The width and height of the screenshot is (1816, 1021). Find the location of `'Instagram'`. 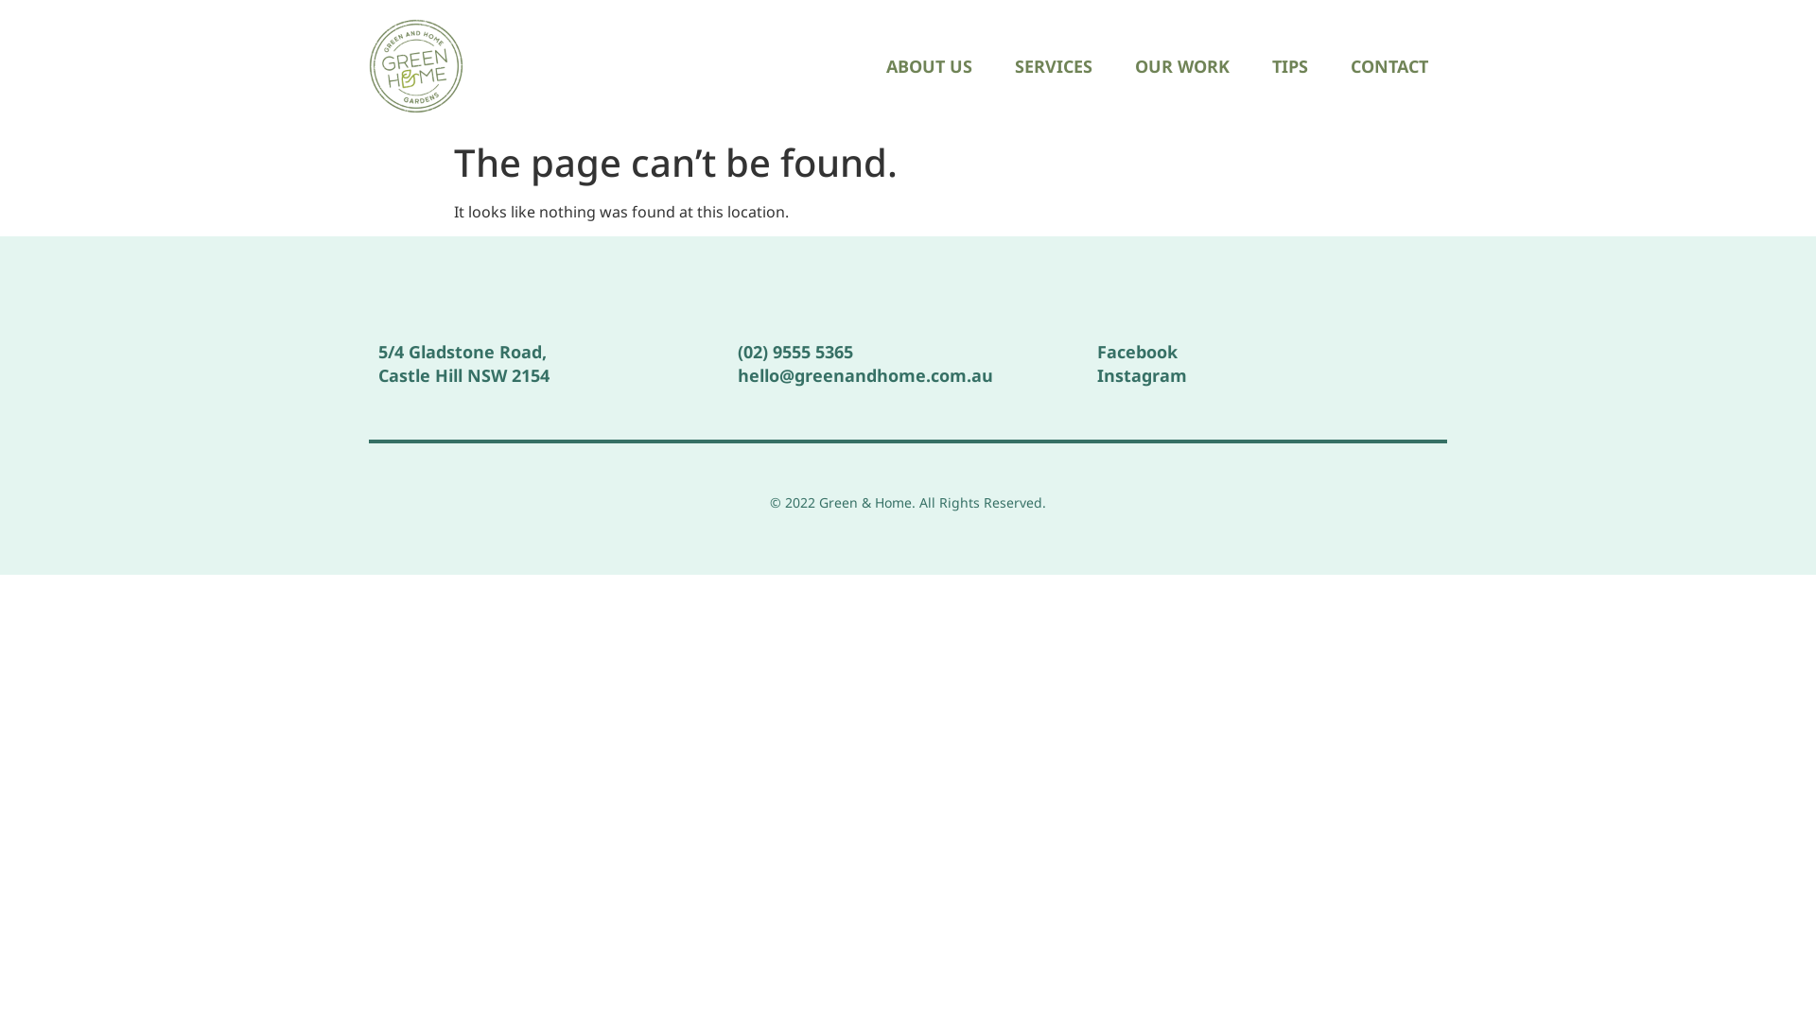

'Instagram' is located at coordinates (1141, 375).